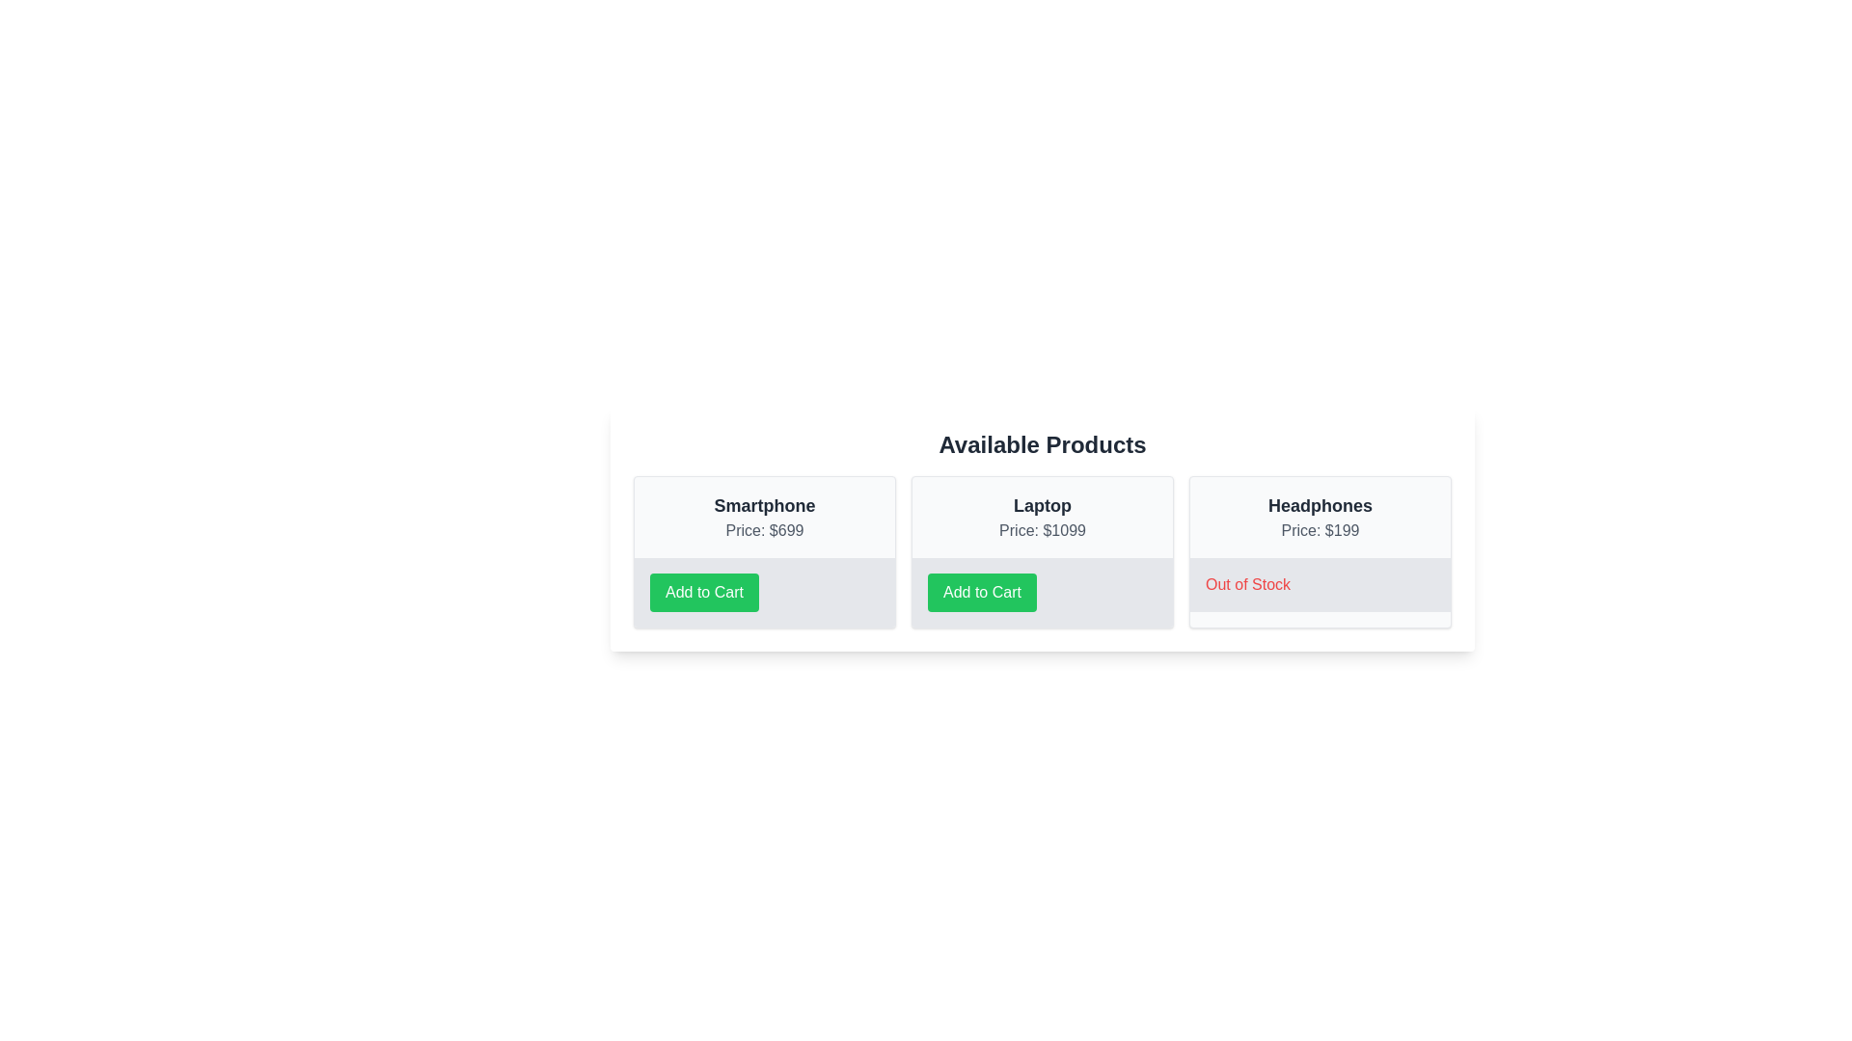 The width and height of the screenshot is (1852, 1041). Describe the element at coordinates (763, 504) in the screenshot. I see `the Text label that serves as the title of the product, located at the upper-central portion of the first product card in a row of three, above the price text` at that location.